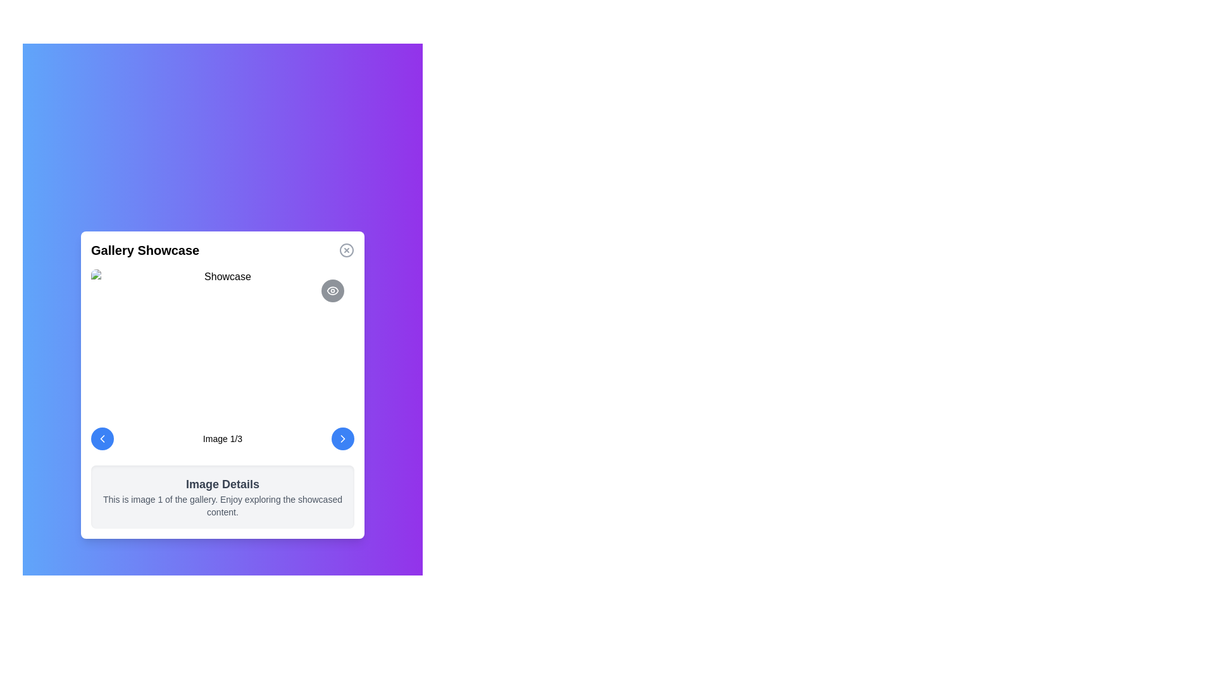  I want to click on the navigation button located at the bottom-right corner of the gallery card interface, so click(343, 438).